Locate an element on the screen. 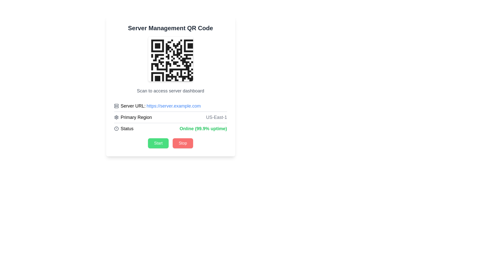 This screenshot has width=484, height=272. the warning icon with an exclamation mark located next to the 'Status' label in the 'Status' section is located at coordinates (116, 128).